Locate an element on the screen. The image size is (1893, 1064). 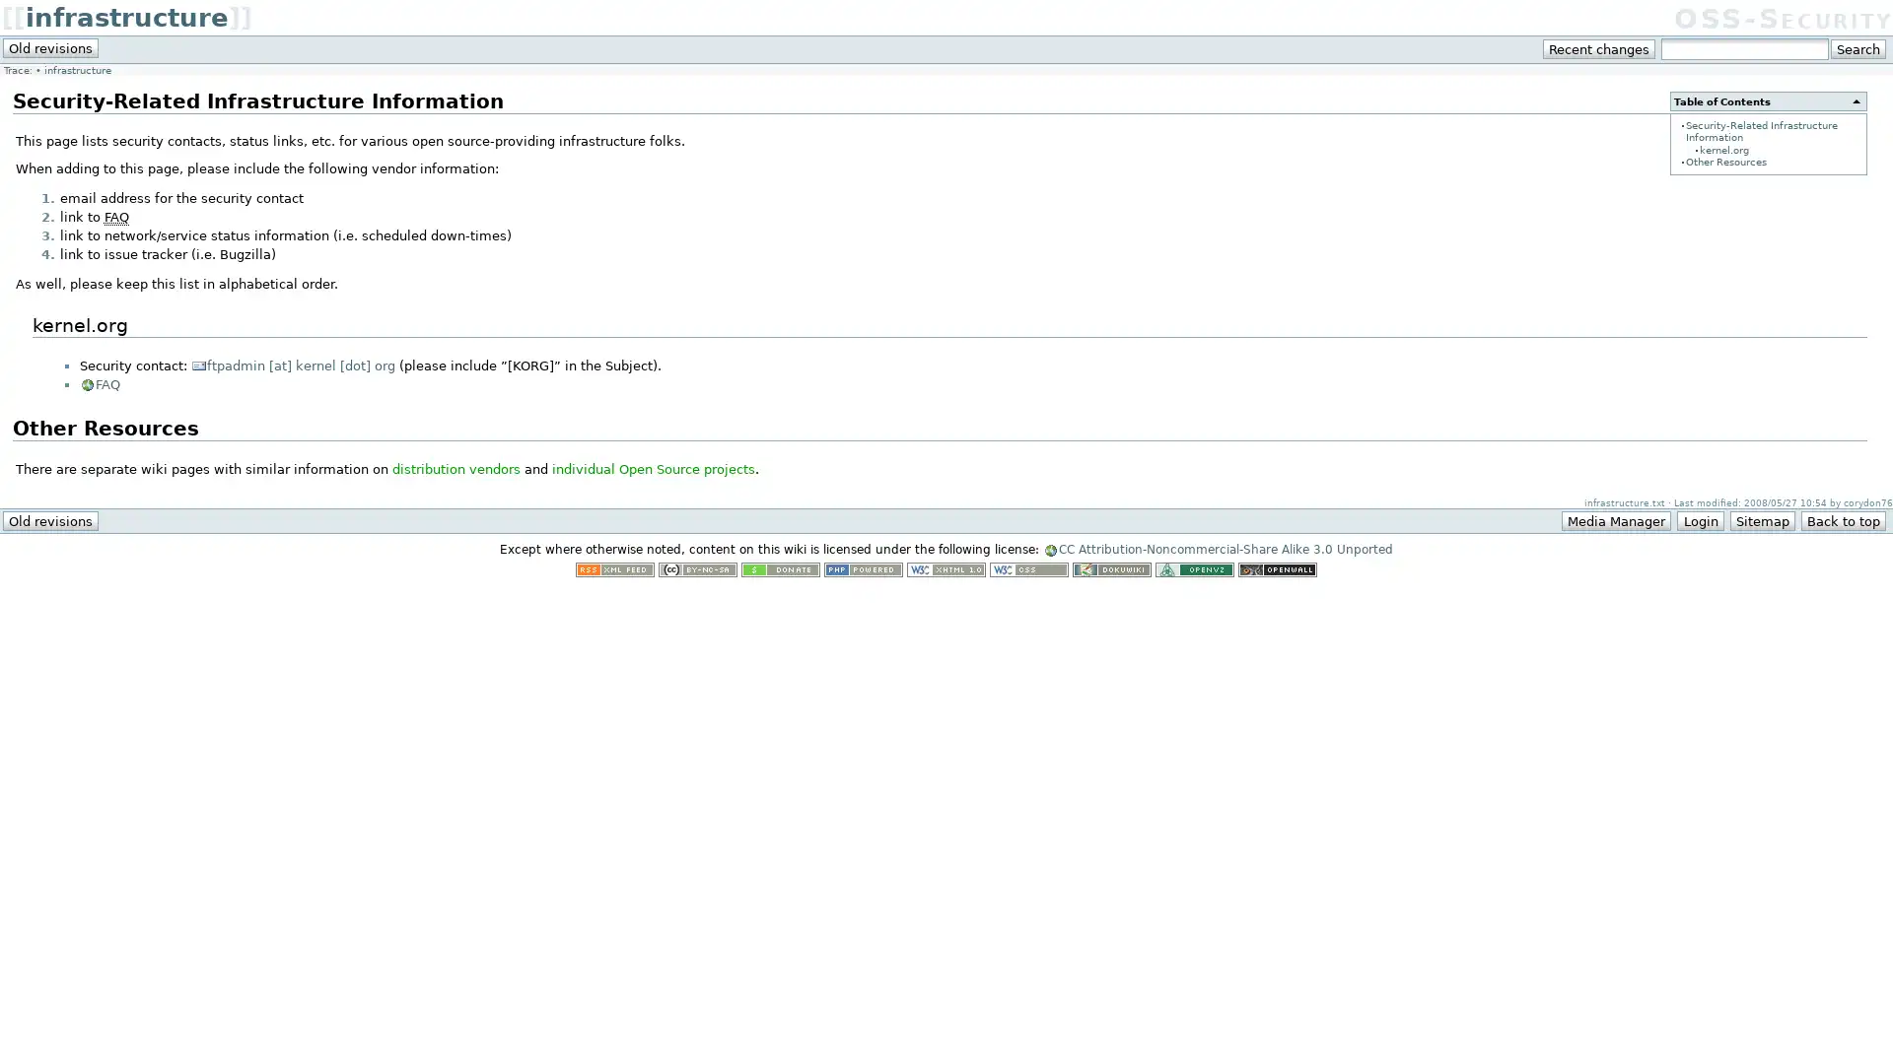
Media Manager is located at coordinates (1616, 519).